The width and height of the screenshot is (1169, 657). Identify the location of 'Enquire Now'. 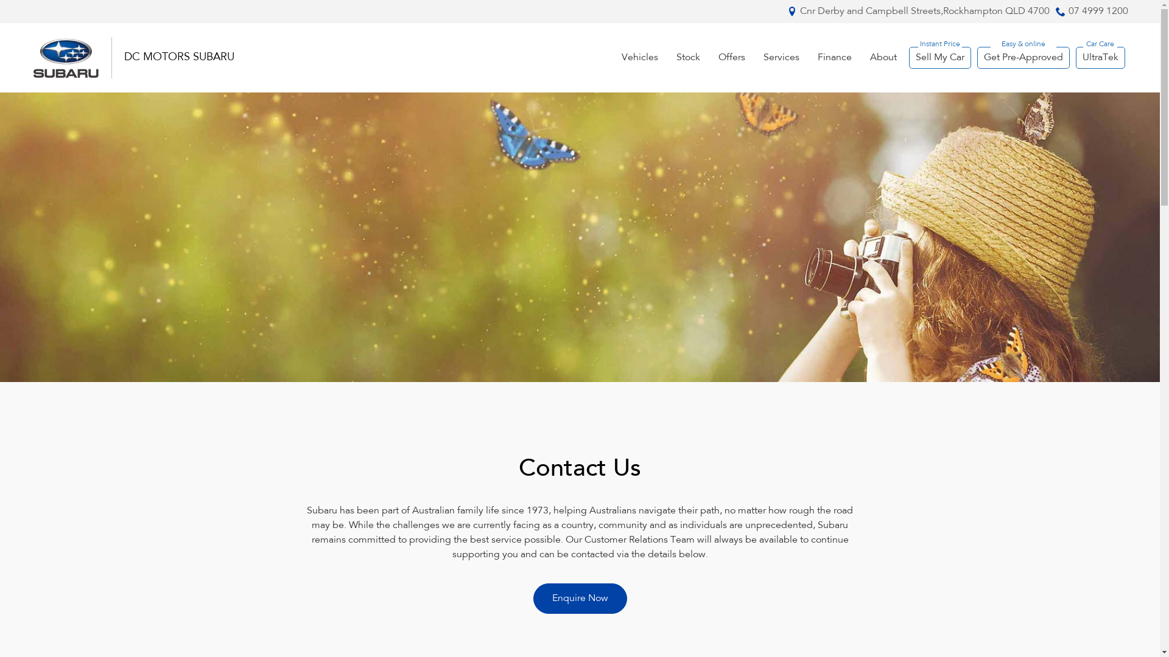
(580, 597).